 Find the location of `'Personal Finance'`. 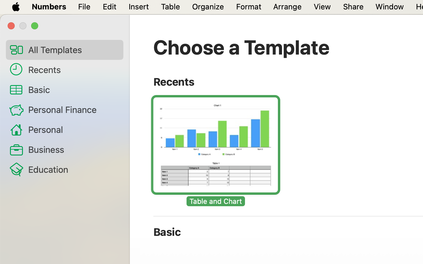

'Personal Finance' is located at coordinates (73, 109).